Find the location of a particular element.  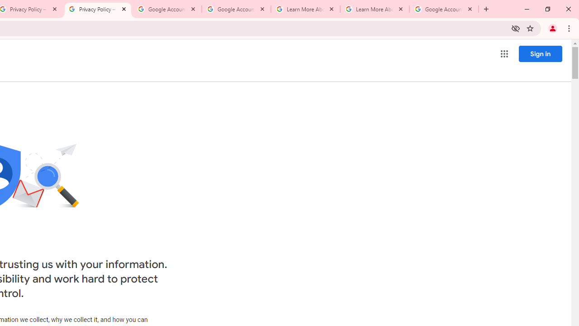

'Google Account' is located at coordinates (444, 9).